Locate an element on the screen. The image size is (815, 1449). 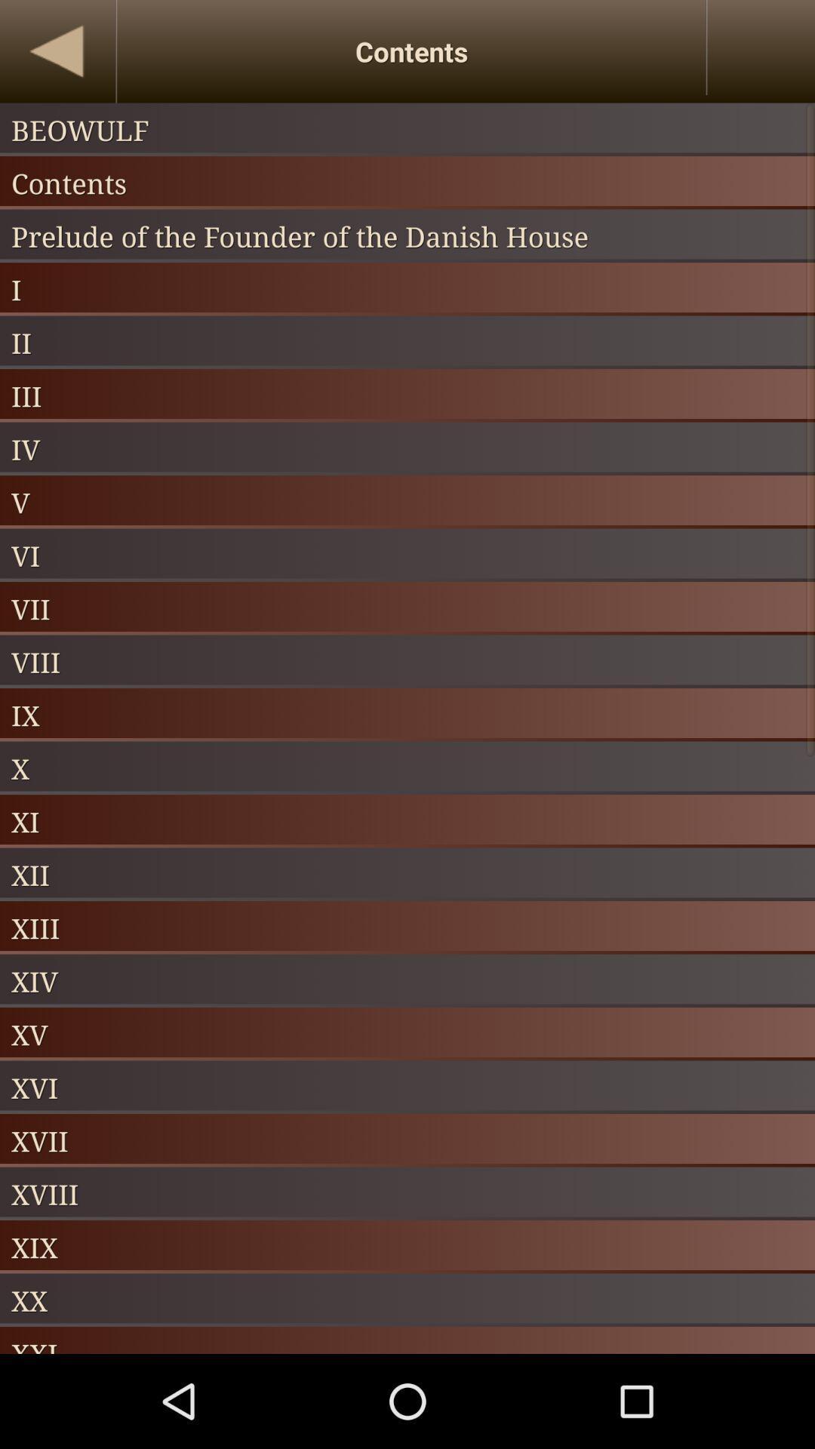
the item above the beowulf icon is located at coordinates (57, 51).